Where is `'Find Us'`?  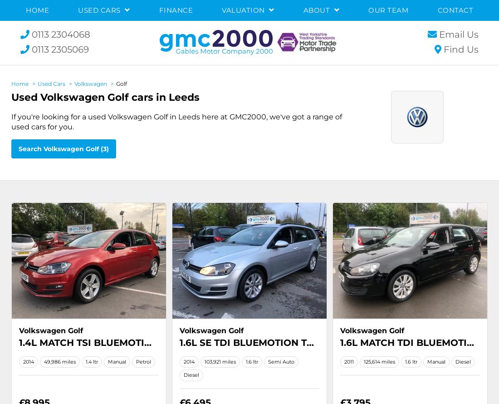
'Find Us' is located at coordinates (460, 49).